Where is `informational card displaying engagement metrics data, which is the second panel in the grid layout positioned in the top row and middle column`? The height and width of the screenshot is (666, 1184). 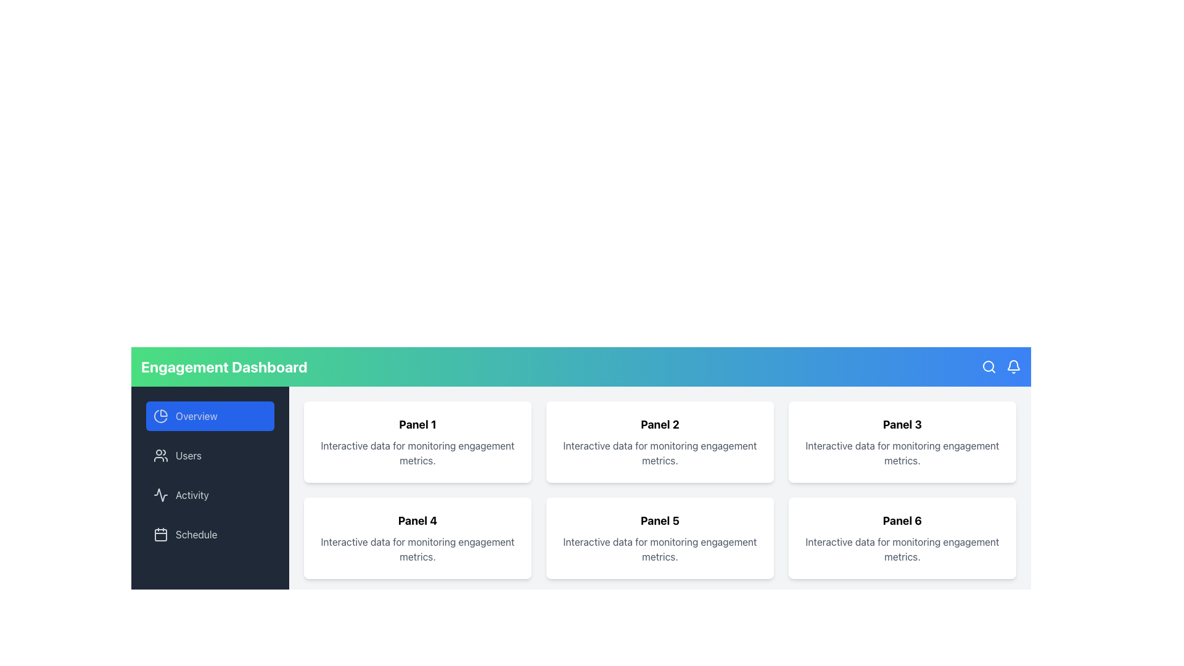 informational card displaying engagement metrics data, which is the second panel in the grid layout positioned in the top row and middle column is located at coordinates (659, 442).